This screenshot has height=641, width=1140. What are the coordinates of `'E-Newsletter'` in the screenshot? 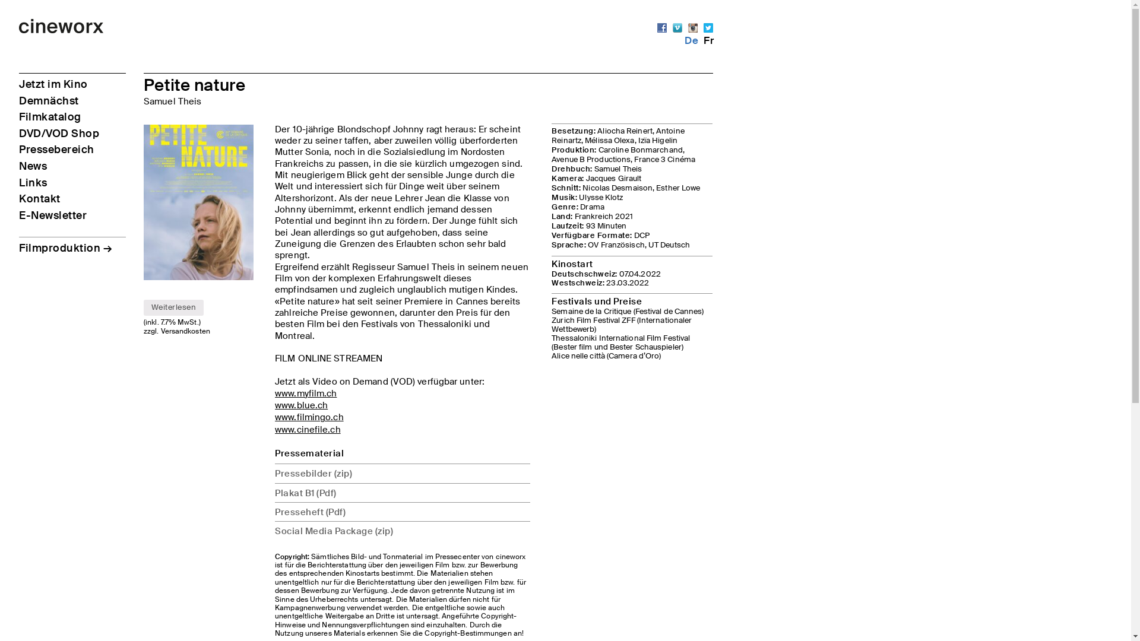 It's located at (19, 215).